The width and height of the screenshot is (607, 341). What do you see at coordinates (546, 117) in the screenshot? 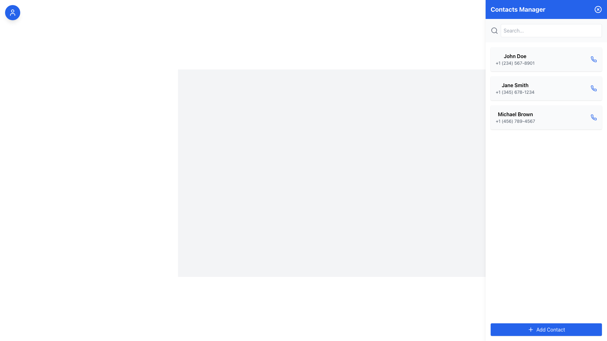
I see `the contact list item for 'Michael Brown'` at bounding box center [546, 117].